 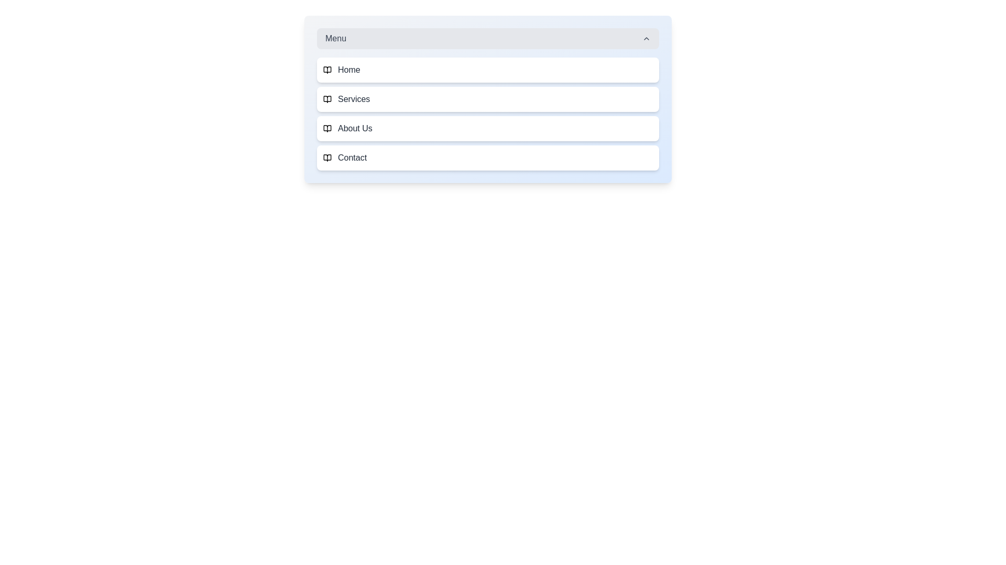 I want to click on the 'Contact' interactive list item, so click(x=487, y=157).